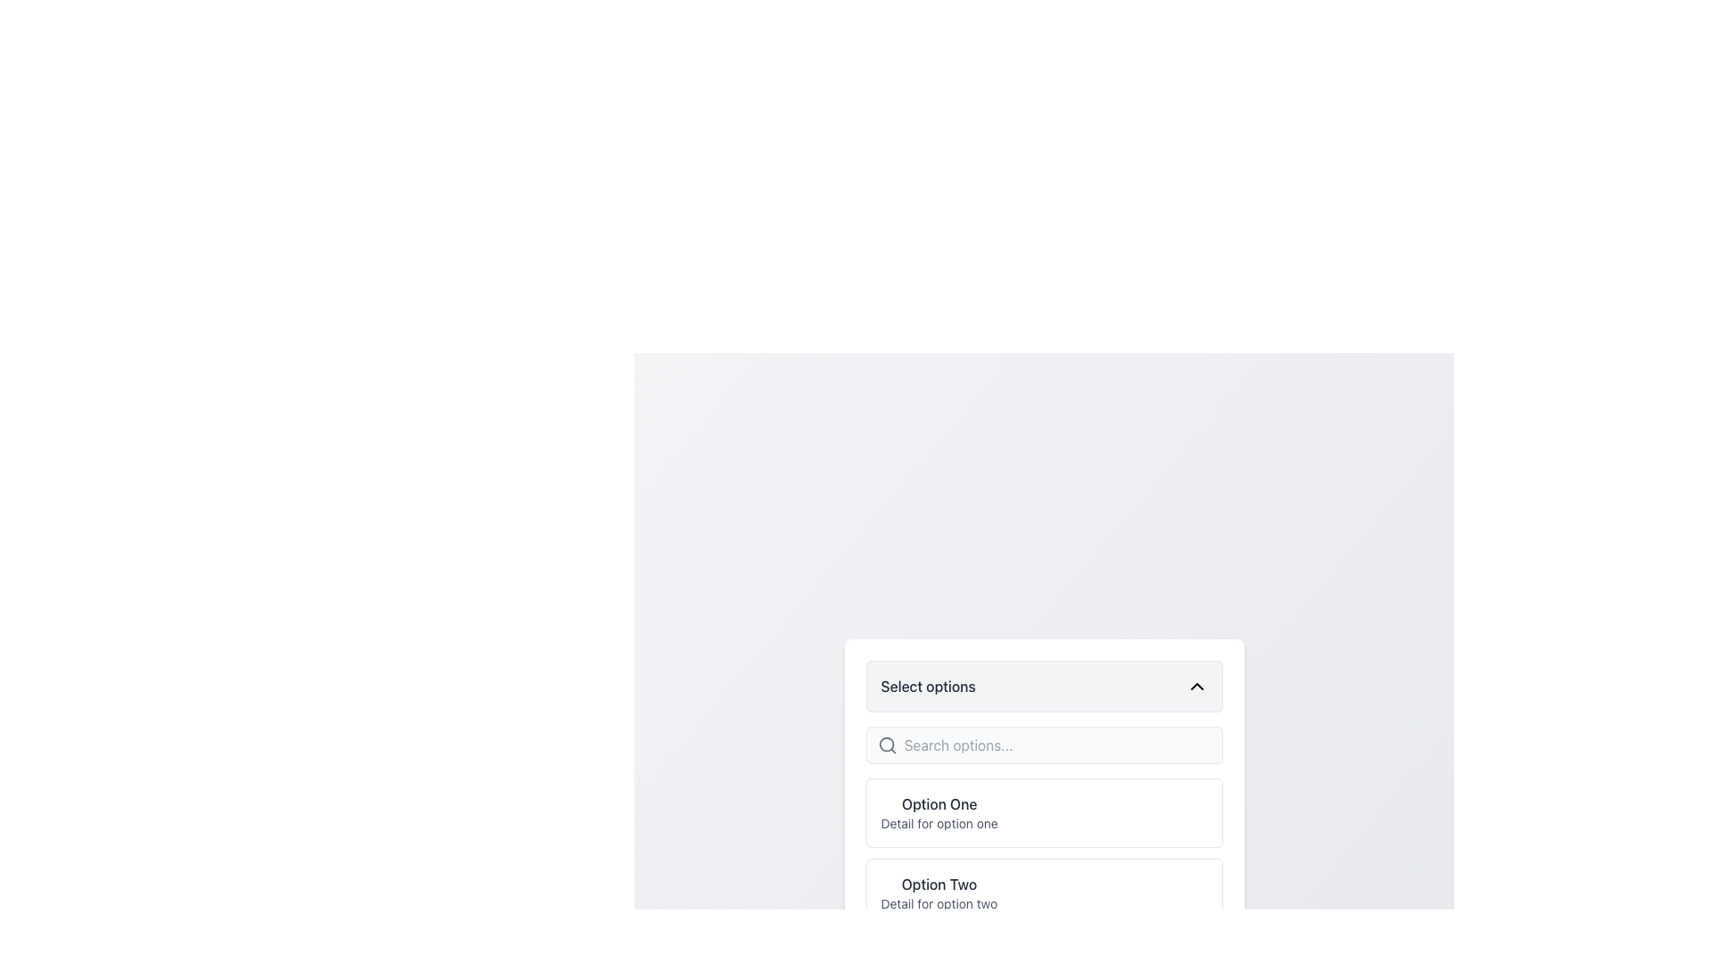 Image resolution: width=1713 pixels, height=963 pixels. I want to click on the magnifying glass icon used to symbolize search functionality, which is located on the left side of the 'Search options' input field, so click(886, 745).